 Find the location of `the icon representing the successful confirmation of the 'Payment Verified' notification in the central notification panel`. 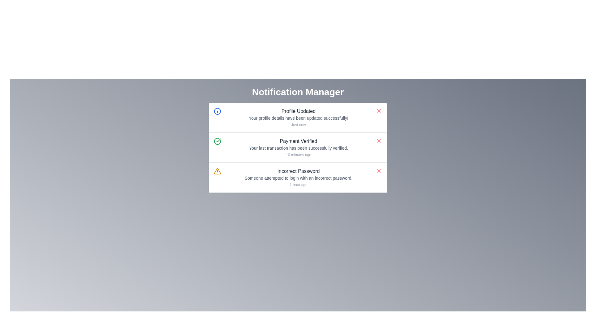

the icon representing the successful confirmation of the 'Payment Verified' notification in the central notification panel is located at coordinates (218, 140).